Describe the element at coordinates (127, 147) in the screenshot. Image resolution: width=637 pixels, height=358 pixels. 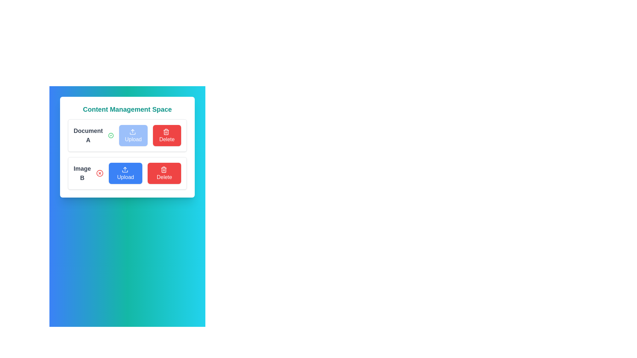
I see `the 'Upload' or 'Delete' buttons within the 'Content Management Space' card that features a white background and rounded corners` at that location.